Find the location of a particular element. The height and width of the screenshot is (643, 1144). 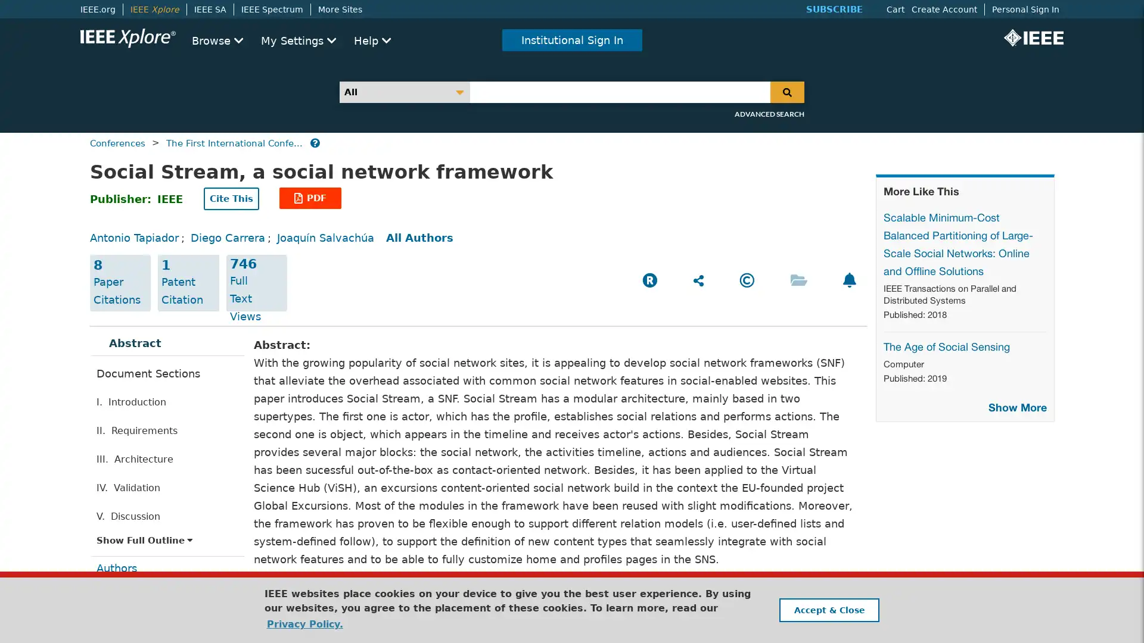

Cite This is located at coordinates (231, 198).